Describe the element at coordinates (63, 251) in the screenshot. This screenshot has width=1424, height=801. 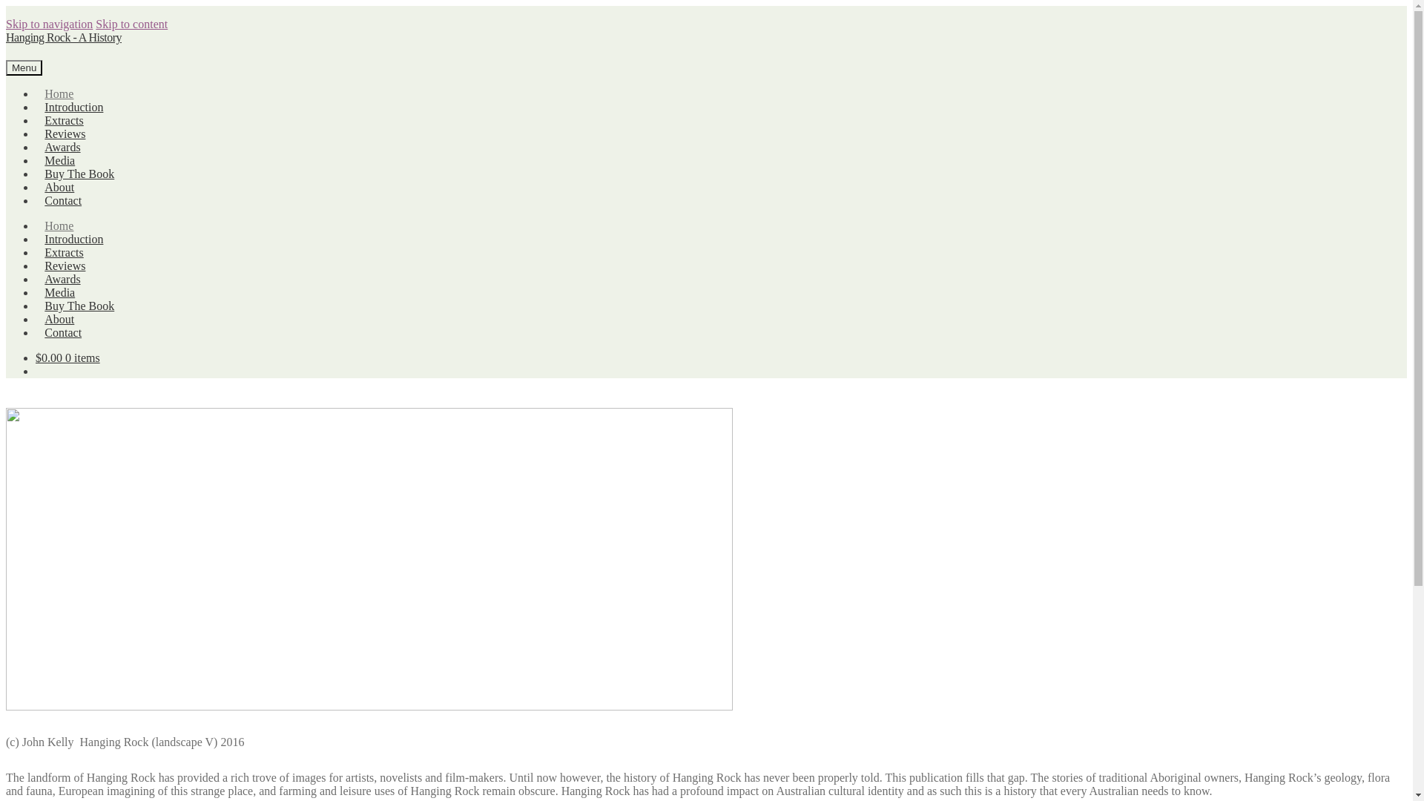
I see `'Extracts'` at that location.